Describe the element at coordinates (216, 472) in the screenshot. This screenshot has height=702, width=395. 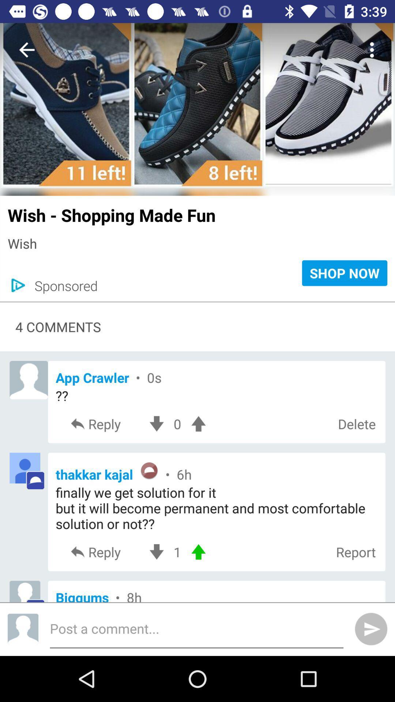
I see `item below the reply` at that location.